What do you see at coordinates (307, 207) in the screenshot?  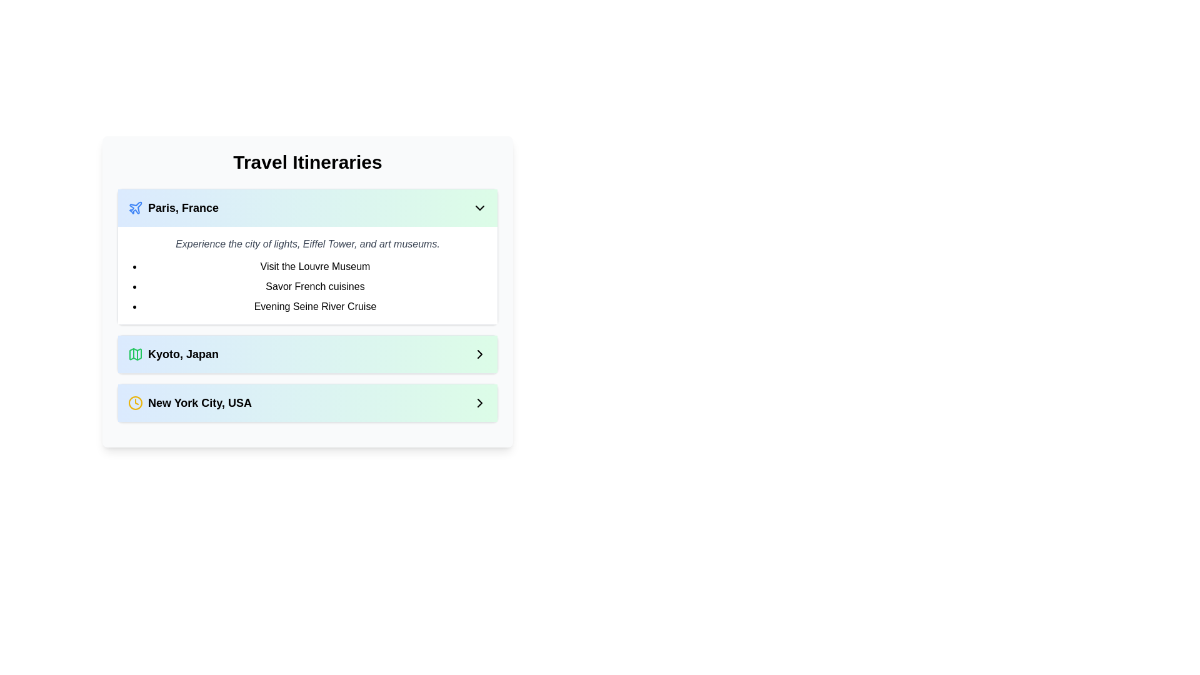 I see `the button labeled 'Paris, France' with a blue to green gradient background` at bounding box center [307, 207].